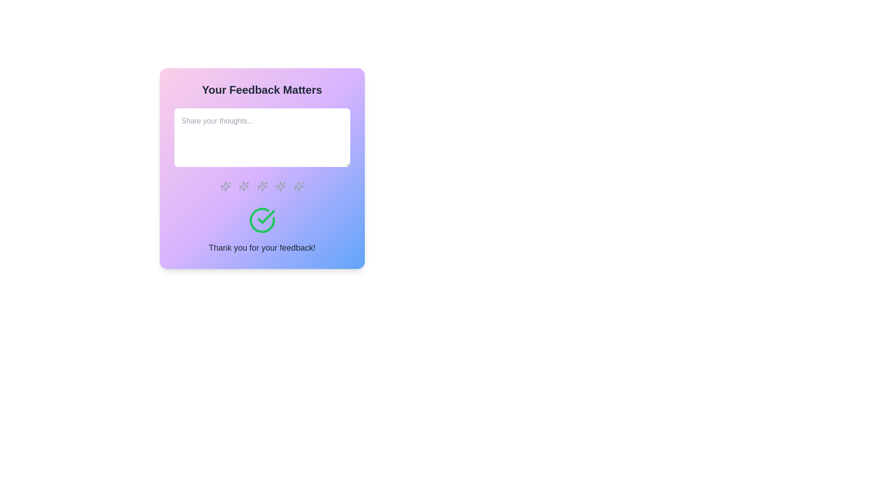 The image size is (879, 494). I want to click on the green checkmark icon located inside a green circle, positioned in the lower portion of the interface, below the star icons and above the 'Thank you for your feedback!' text, so click(266, 217).